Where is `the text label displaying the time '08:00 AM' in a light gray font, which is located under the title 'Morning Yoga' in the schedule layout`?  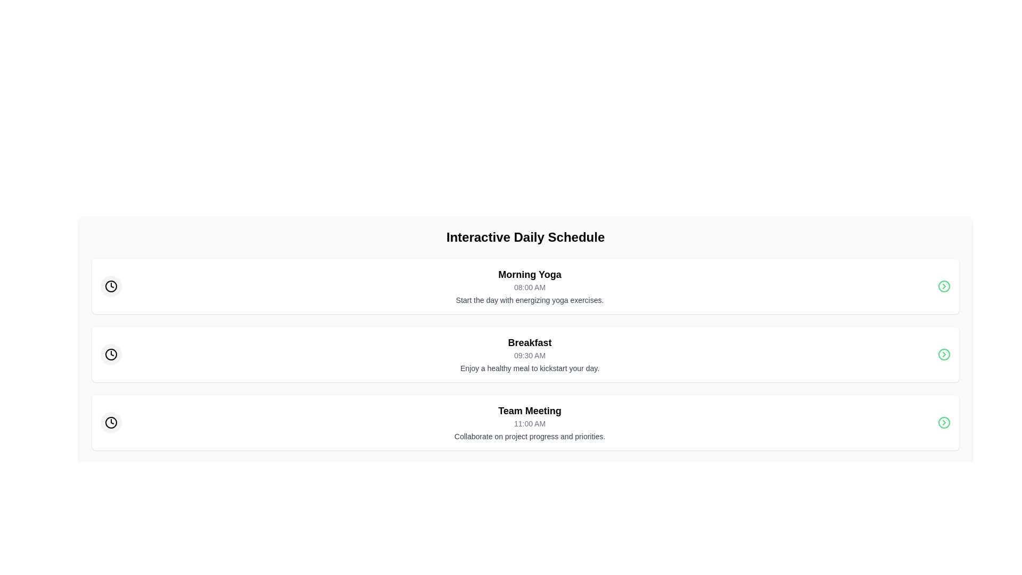 the text label displaying the time '08:00 AM' in a light gray font, which is located under the title 'Morning Yoga' in the schedule layout is located at coordinates (530, 287).